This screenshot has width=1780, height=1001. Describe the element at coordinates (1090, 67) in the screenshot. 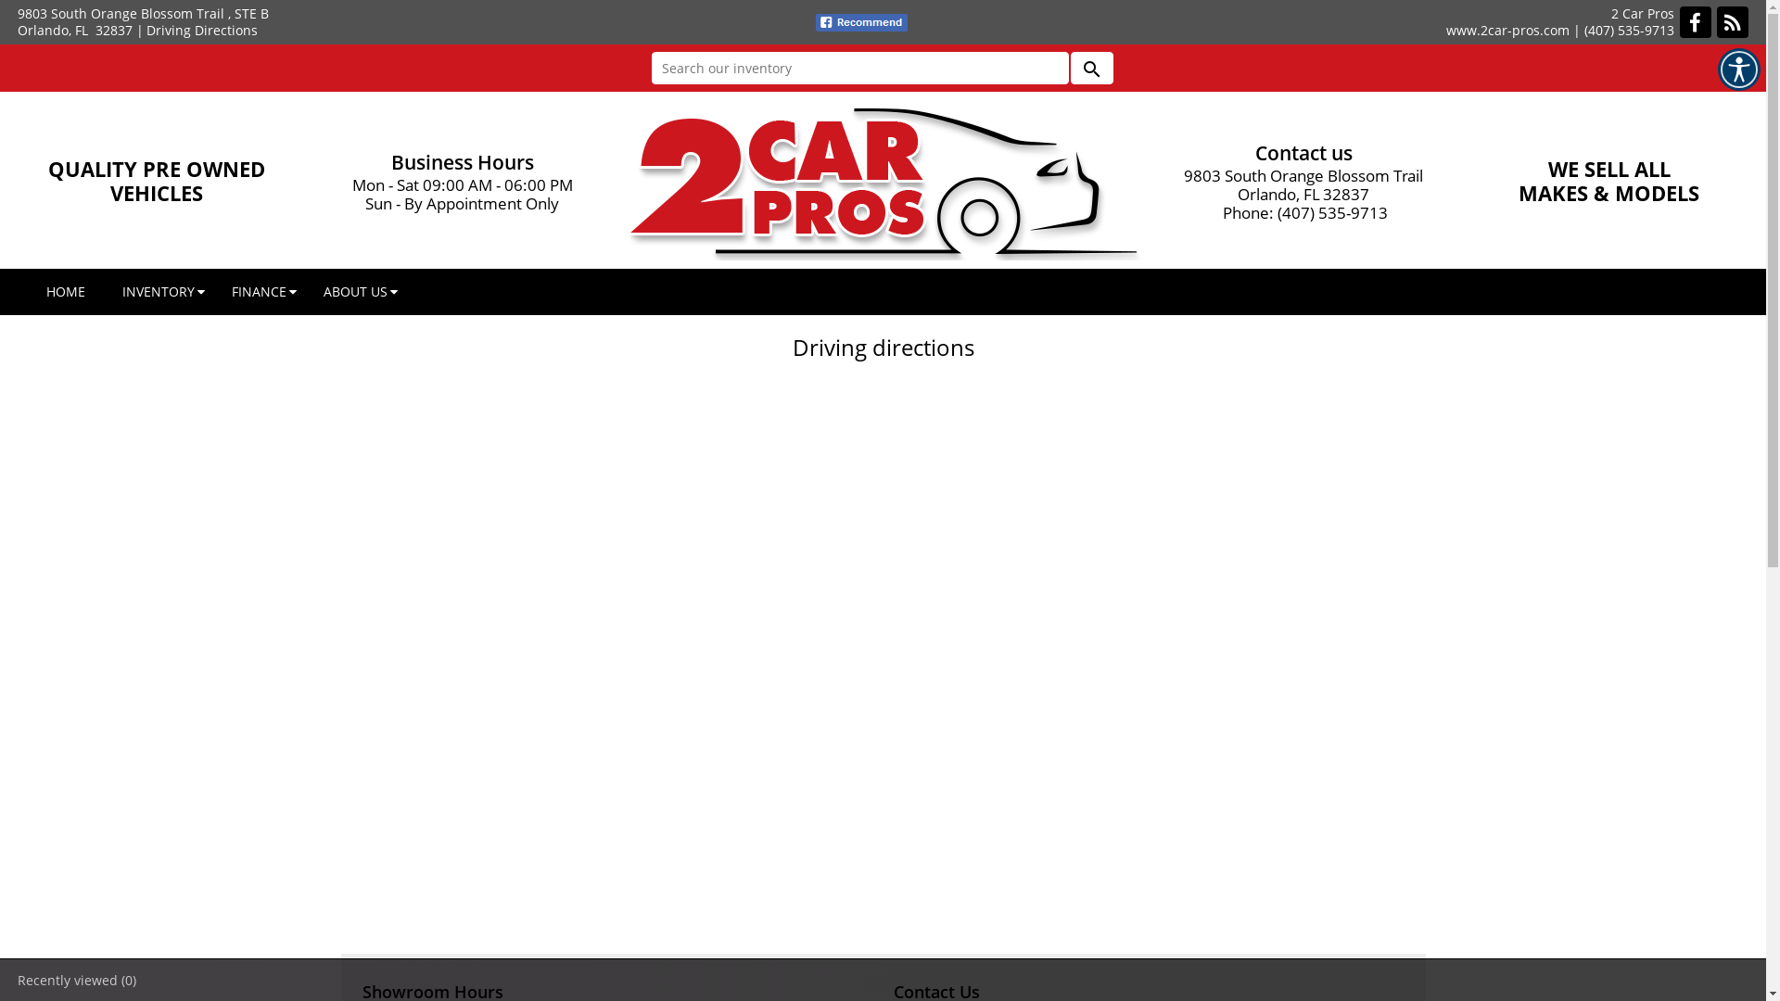

I see `'search'` at that location.